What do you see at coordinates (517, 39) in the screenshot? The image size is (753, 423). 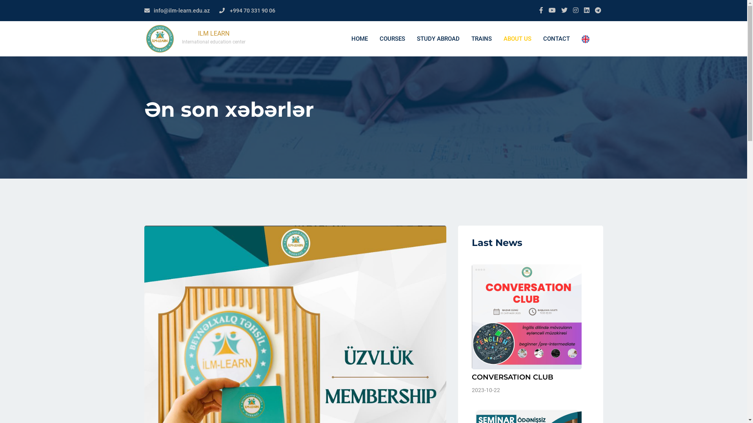 I see `'ABOUT US'` at bounding box center [517, 39].